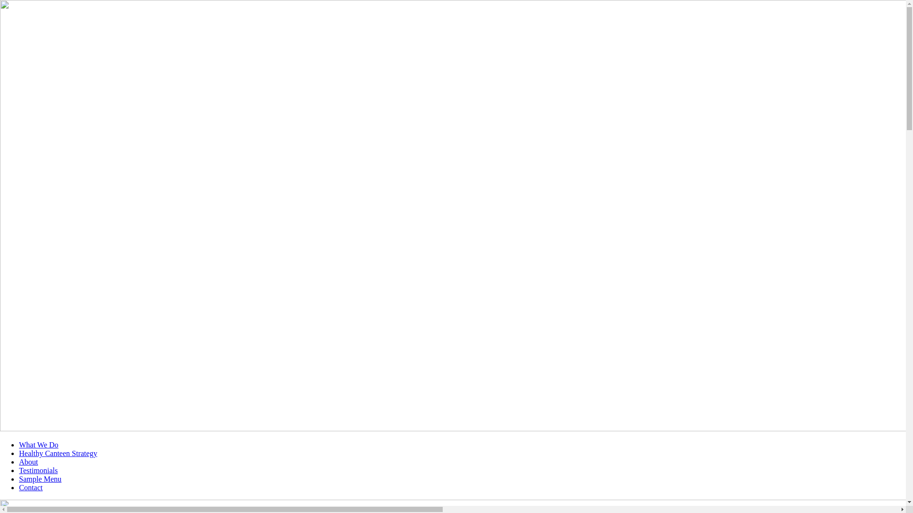 The width and height of the screenshot is (913, 513). What do you see at coordinates (38, 470) in the screenshot?
I see `'Testimonials'` at bounding box center [38, 470].